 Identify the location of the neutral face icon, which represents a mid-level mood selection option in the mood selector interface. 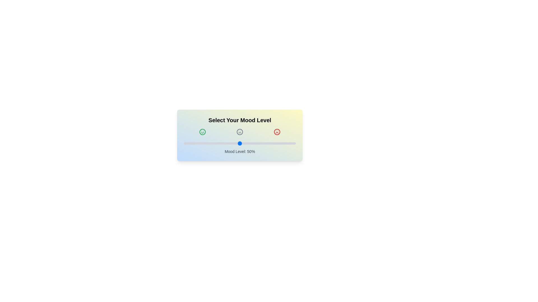
(240, 132).